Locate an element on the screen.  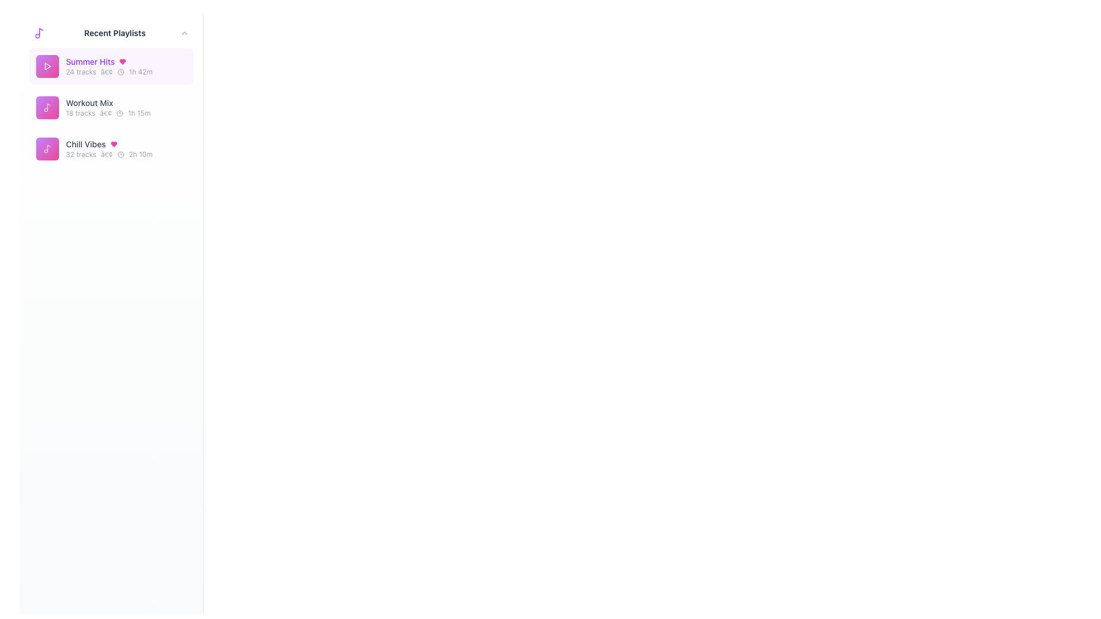
the musical note icon, which is a translucent graphical element with a white outline set against a gradient purple to pink background, located in the second item of the vertical playlist list is located at coordinates (46, 148).